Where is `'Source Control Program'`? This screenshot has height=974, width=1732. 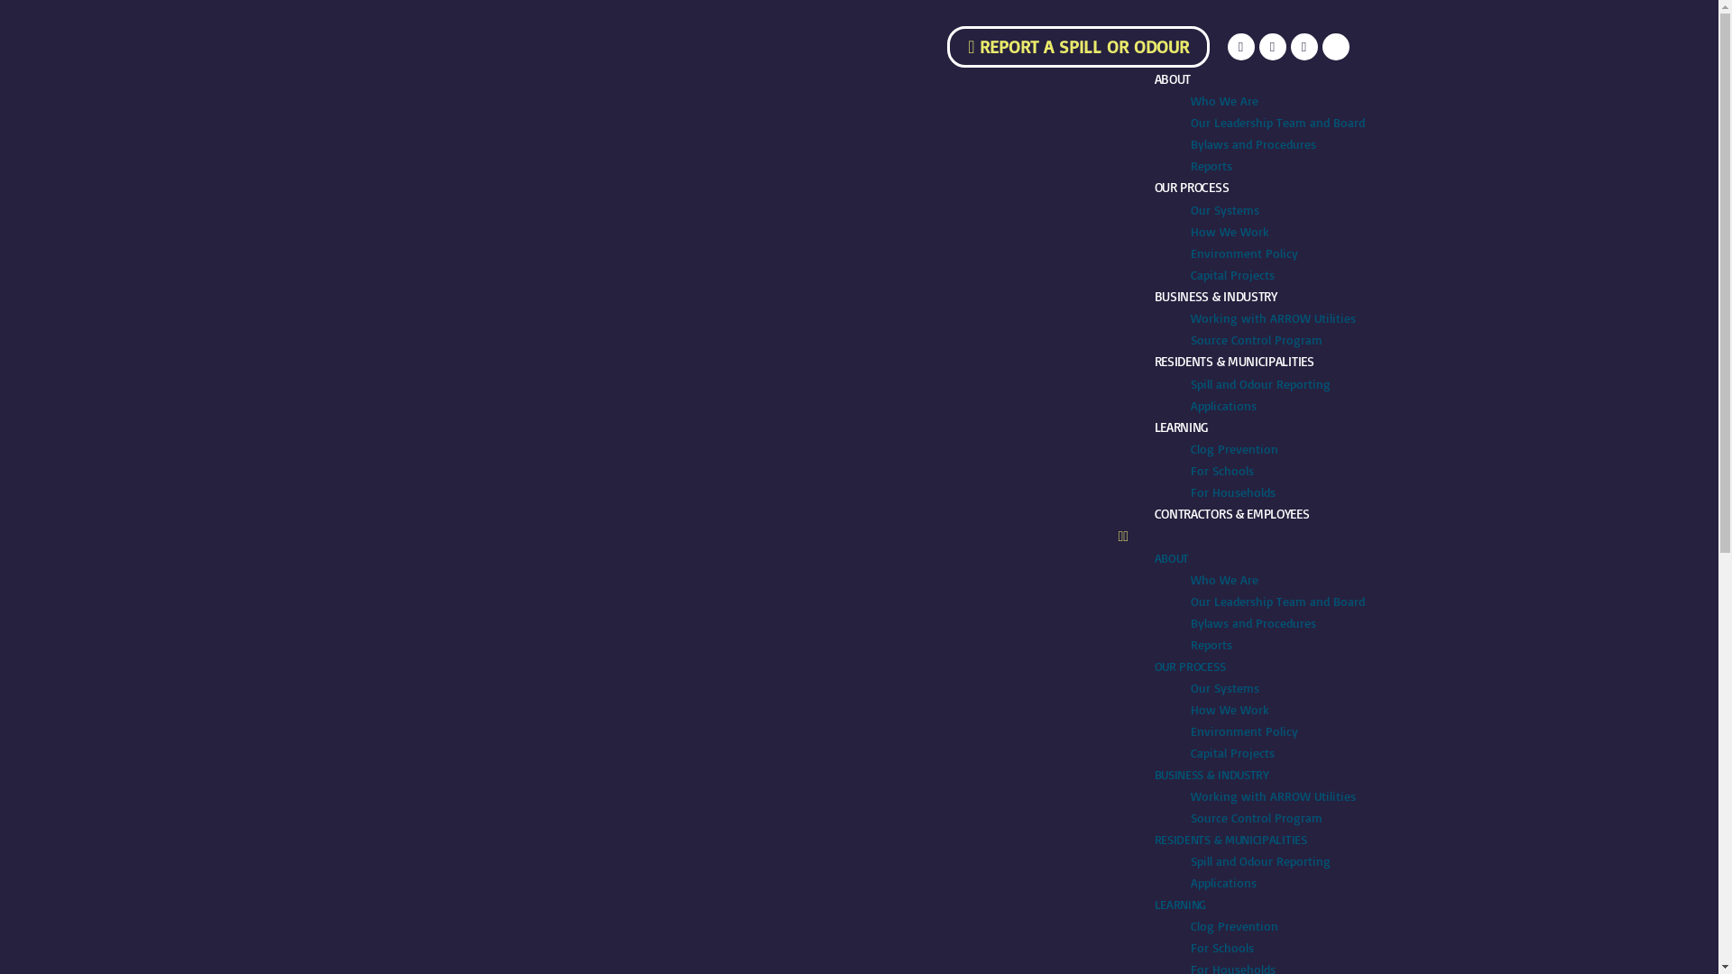
'Source Control Program' is located at coordinates (1255, 339).